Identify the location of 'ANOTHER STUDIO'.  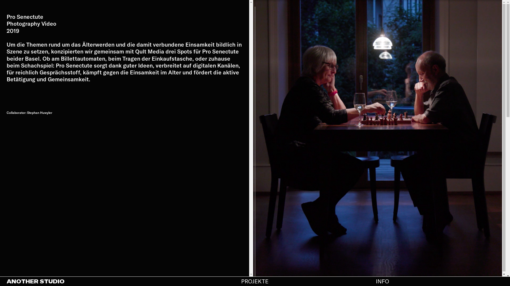
(6, 281).